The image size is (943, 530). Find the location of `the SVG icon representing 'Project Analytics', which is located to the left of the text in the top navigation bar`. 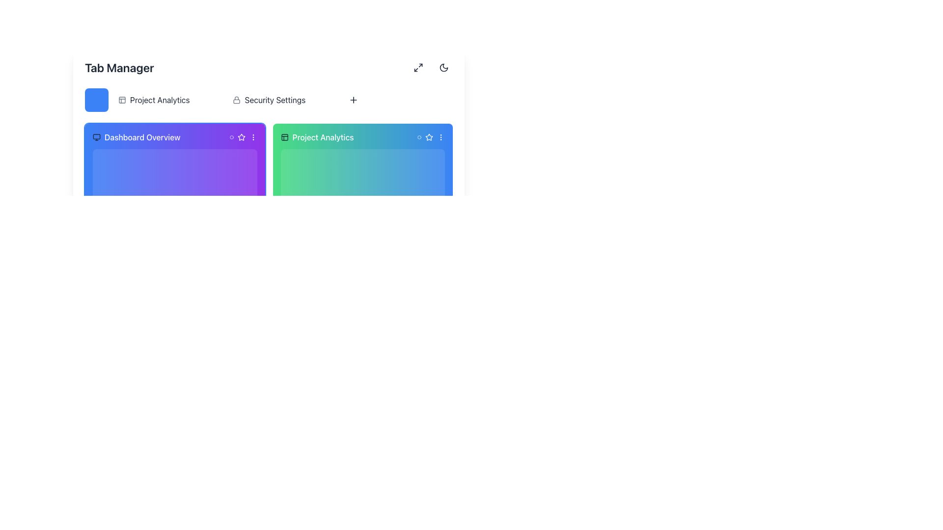

the SVG icon representing 'Project Analytics', which is located to the left of the text in the top navigation bar is located at coordinates (122, 100).